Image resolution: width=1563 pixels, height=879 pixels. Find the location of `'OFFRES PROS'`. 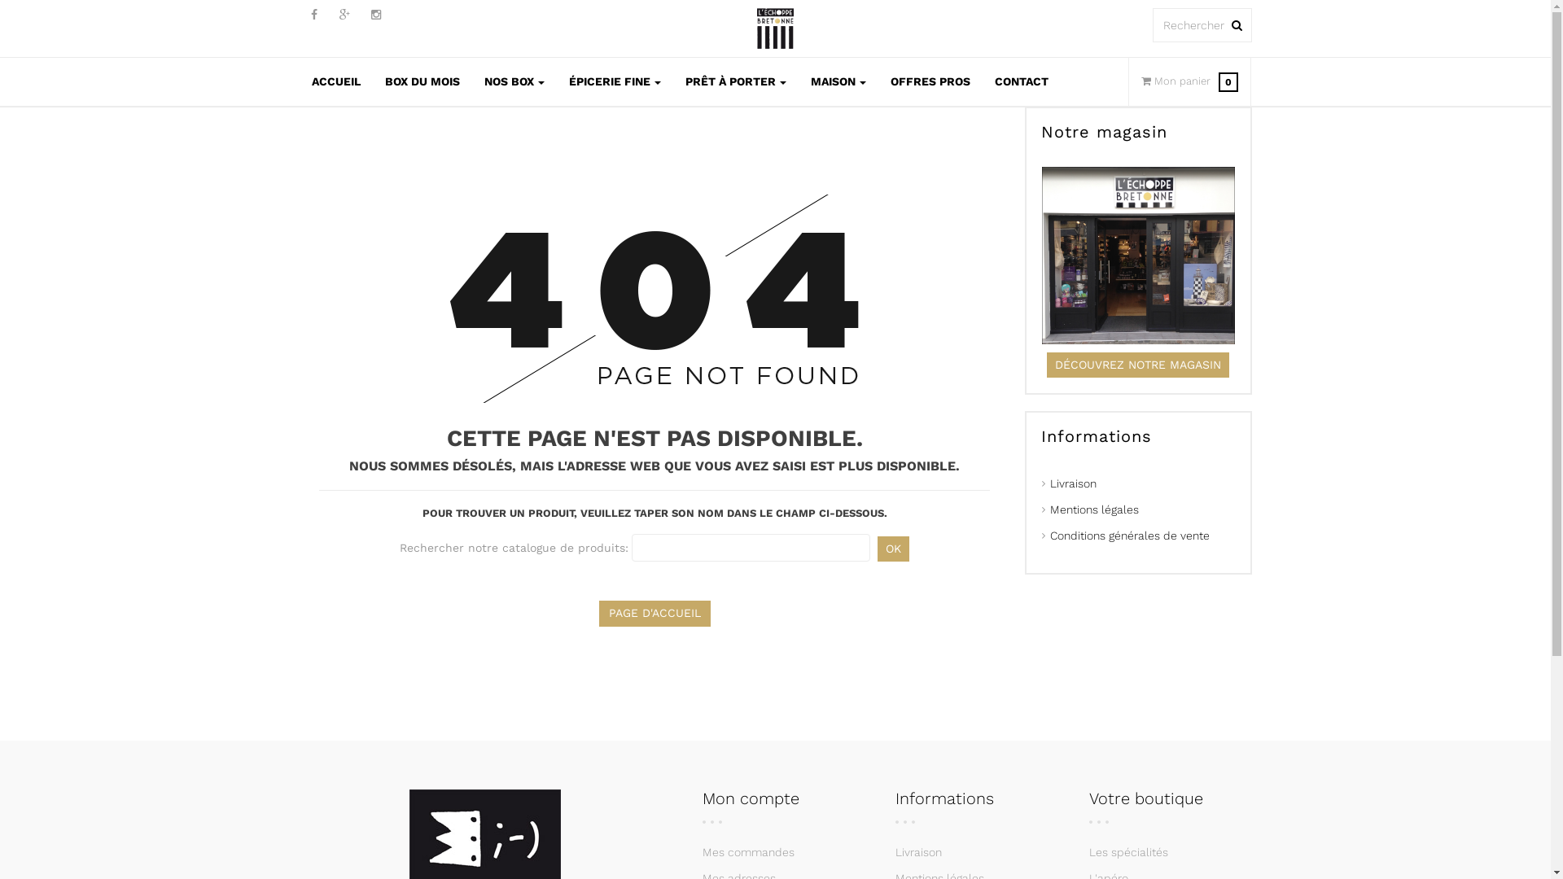

'OFFRES PROS' is located at coordinates (930, 81).